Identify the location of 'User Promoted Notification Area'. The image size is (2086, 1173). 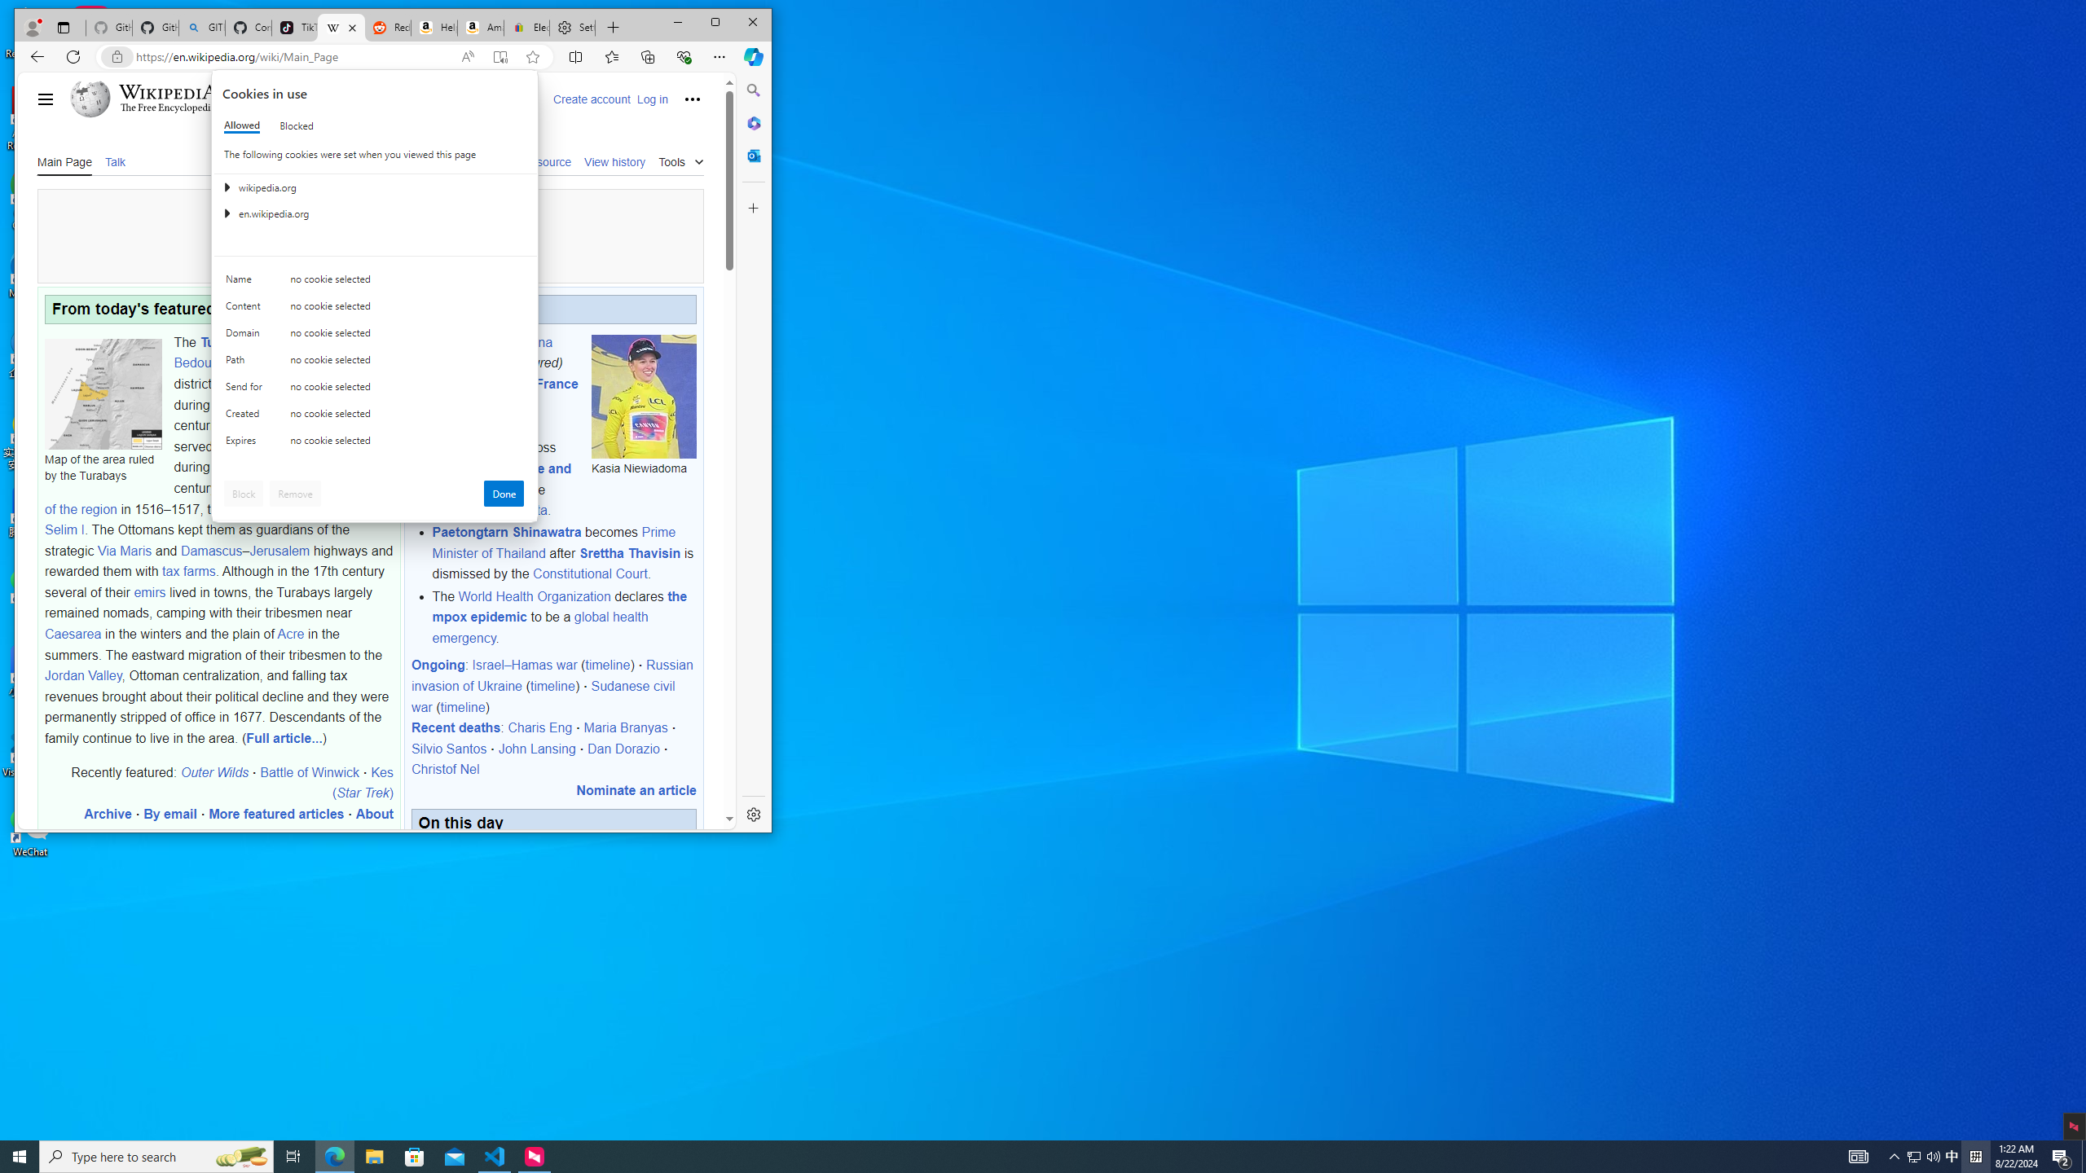
(1923, 1155).